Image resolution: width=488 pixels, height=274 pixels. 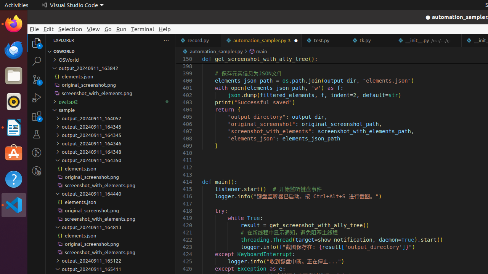 What do you see at coordinates (110, 260) in the screenshot?
I see `'output_20240911_165122'` at bounding box center [110, 260].